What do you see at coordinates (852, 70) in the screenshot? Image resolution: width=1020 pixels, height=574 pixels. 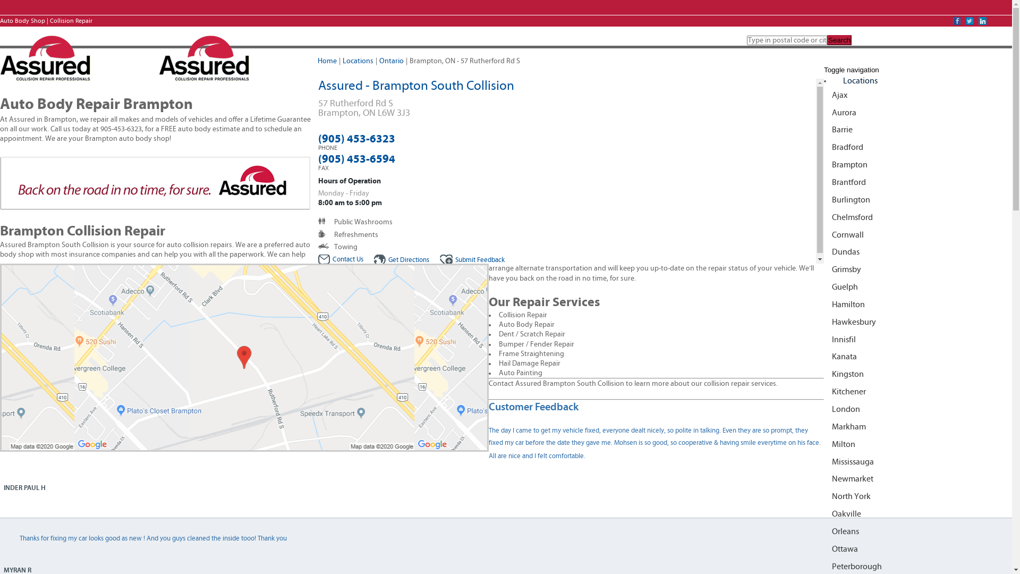 I see `'Toggle navigation'` at bounding box center [852, 70].